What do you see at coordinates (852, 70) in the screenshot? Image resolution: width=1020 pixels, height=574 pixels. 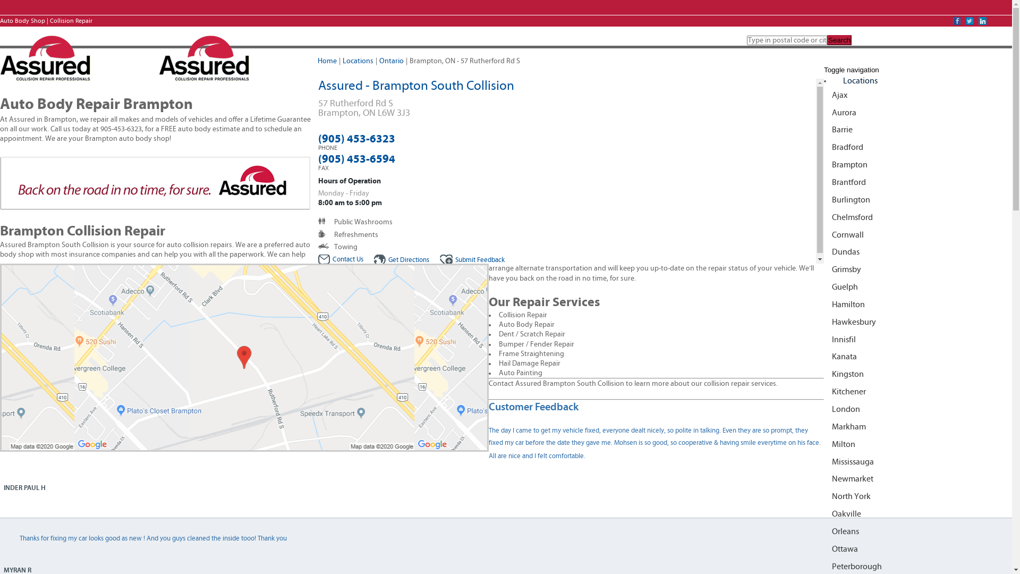 I see `'Toggle navigation'` at bounding box center [852, 70].